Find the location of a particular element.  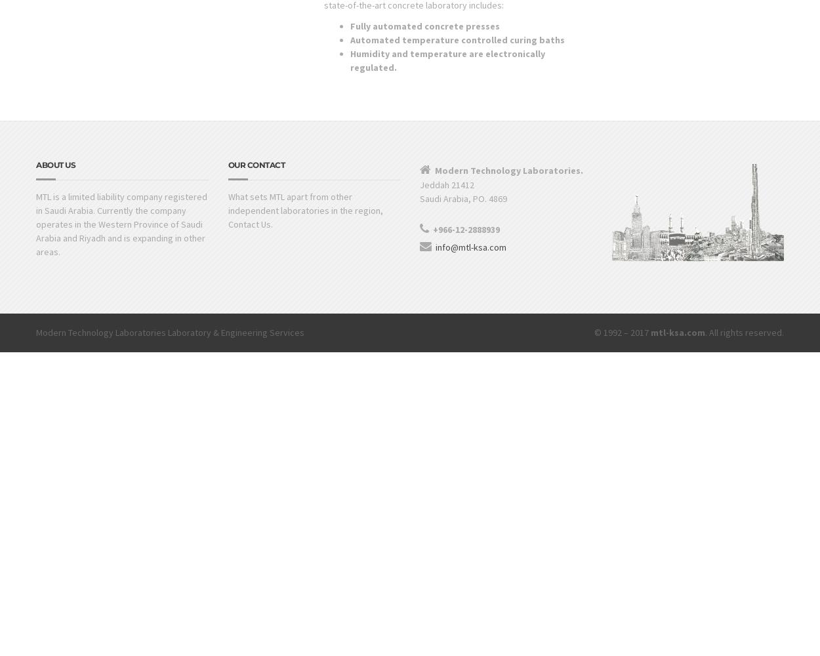

'Automated temperature controlled curing baths' is located at coordinates (456, 39).